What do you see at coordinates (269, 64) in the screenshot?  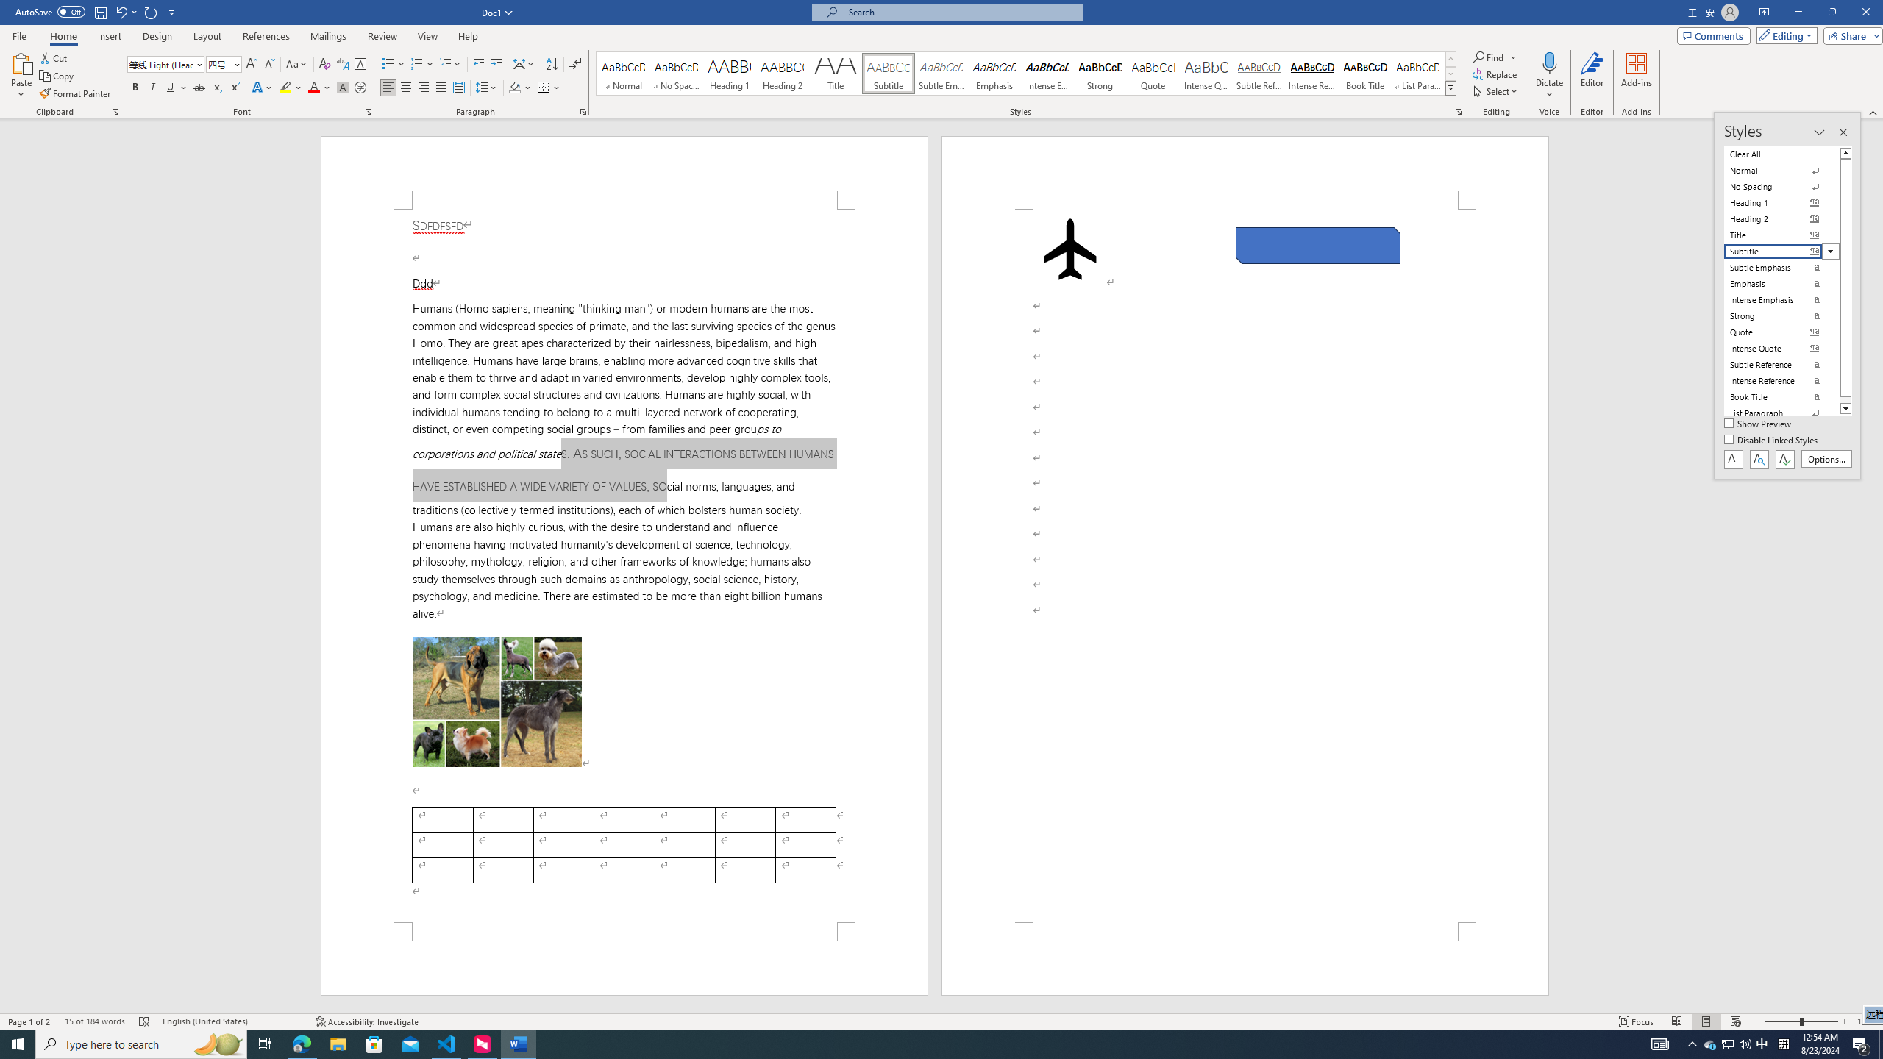 I see `'Shrink Font'` at bounding box center [269, 64].